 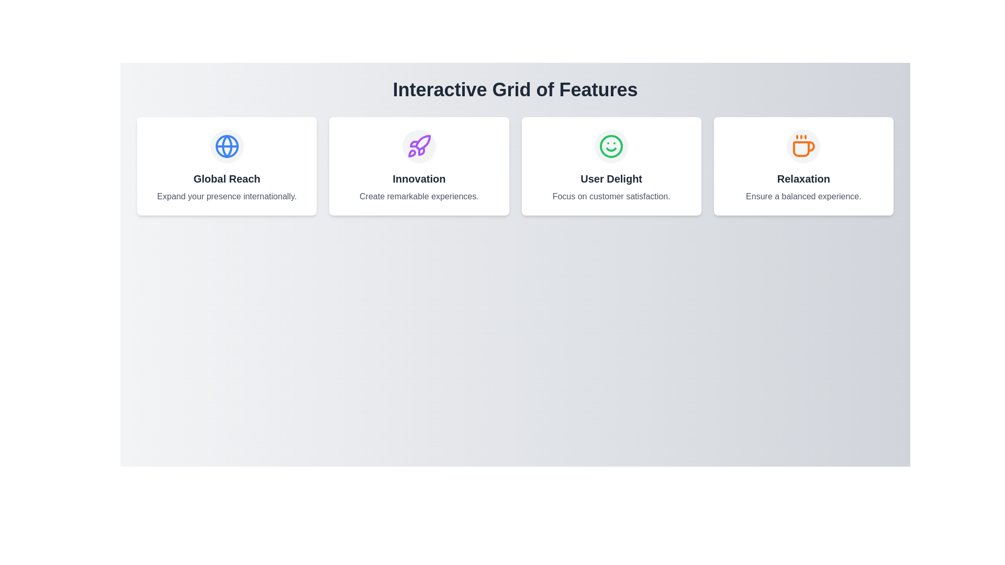 I want to click on the circular icon featuring a purple rocket symbol, which represents innovation, located in the second card of a four-card layout, so click(x=419, y=146).